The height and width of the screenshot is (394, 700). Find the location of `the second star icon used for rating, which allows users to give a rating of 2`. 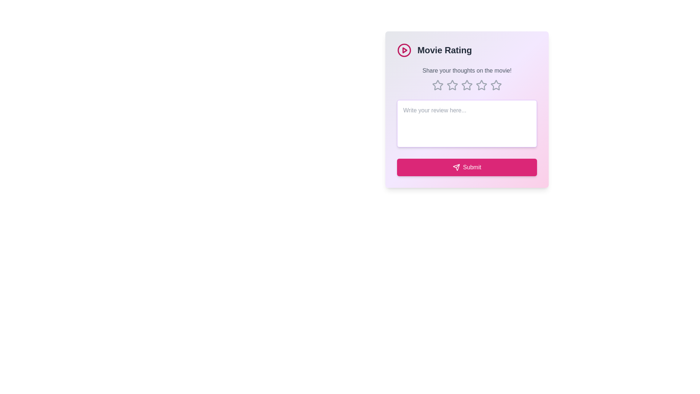

the second star icon used for rating, which allows users to give a rating of 2 is located at coordinates (467, 84).